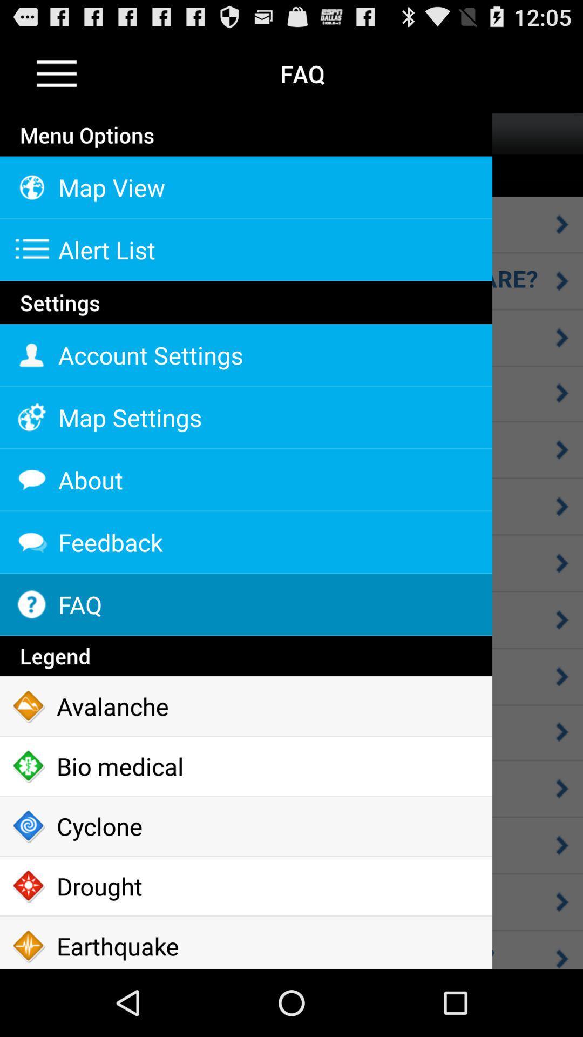 This screenshot has height=1037, width=583. I want to click on the about icon, so click(246, 479).